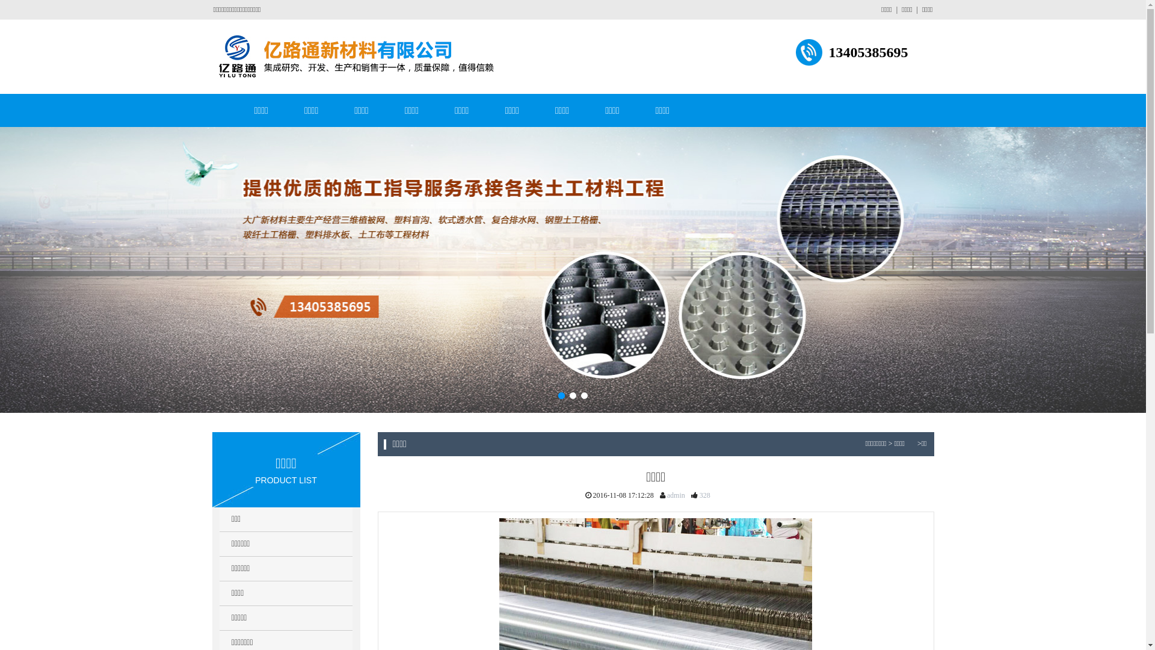 This screenshot has width=1155, height=650. I want to click on '328', so click(704, 495).